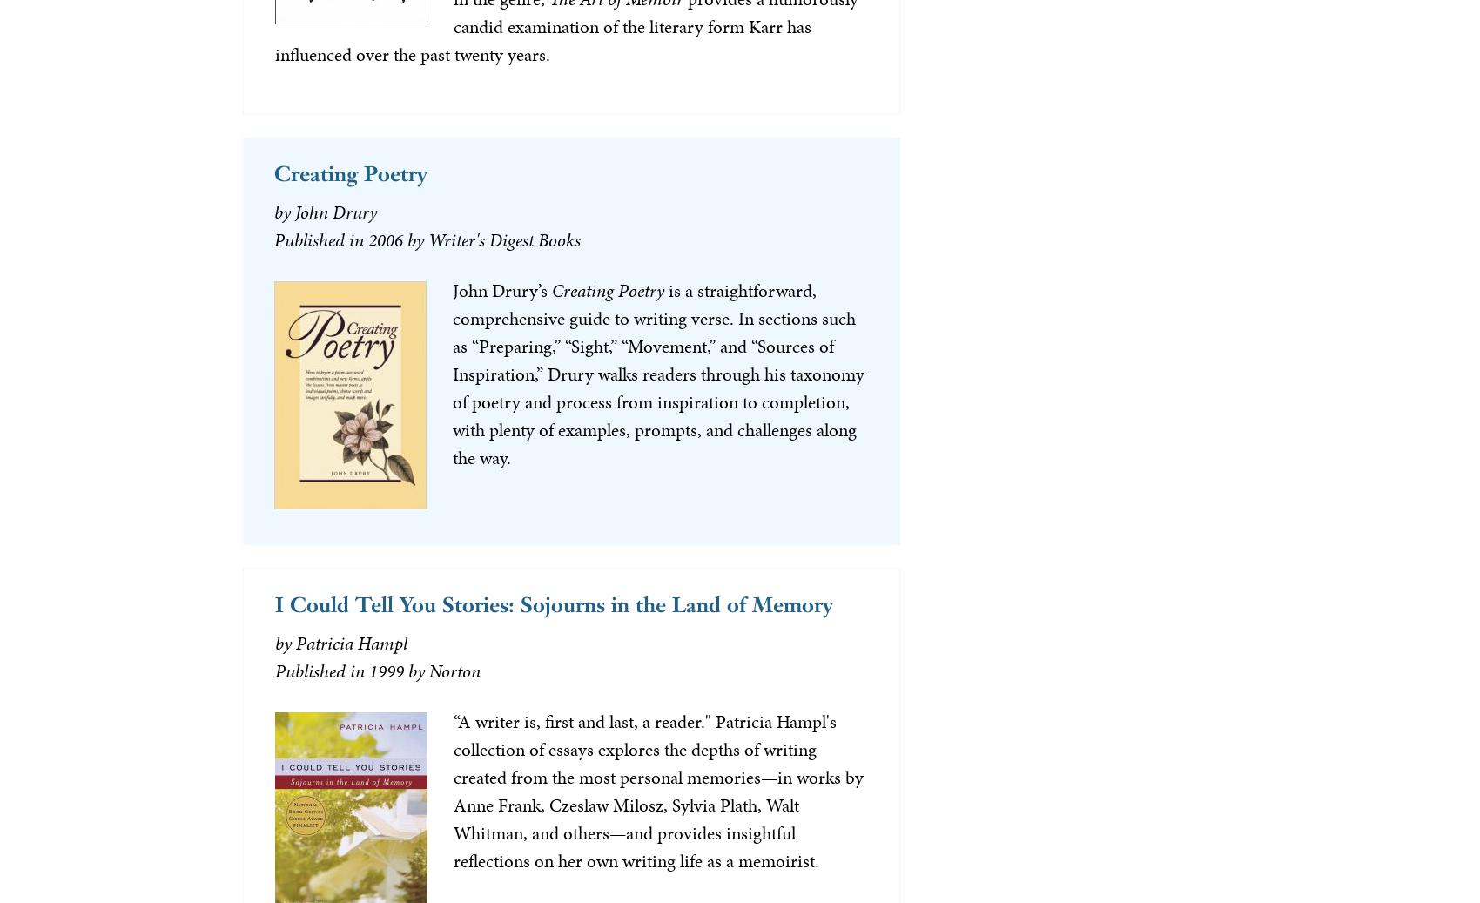  I want to click on 'is a straightforward, comprehensive guide to writing verse. In sections such as “Preparing,” “Sight,” “Movement,” and “Sources of Inspiration,” Drury walks readers through his taxonomy of poetry and process from inspiration to completion, with plenty of examples, prompts, and challenges along the way.', so click(656, 373).